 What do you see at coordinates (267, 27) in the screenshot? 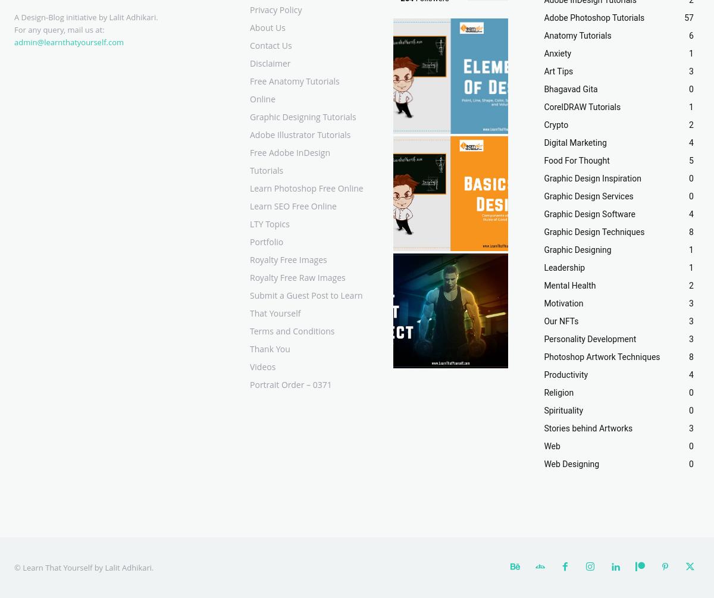
I see `'About Us'` at bounding box center [267, 27].